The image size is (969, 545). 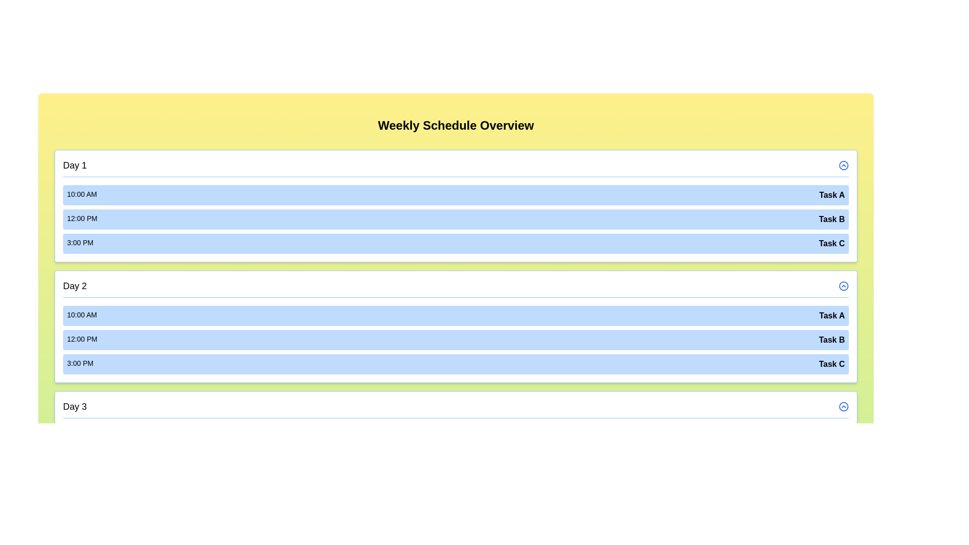 I want to click on the event Task A for day Day 2, so click(x=455, y=315).